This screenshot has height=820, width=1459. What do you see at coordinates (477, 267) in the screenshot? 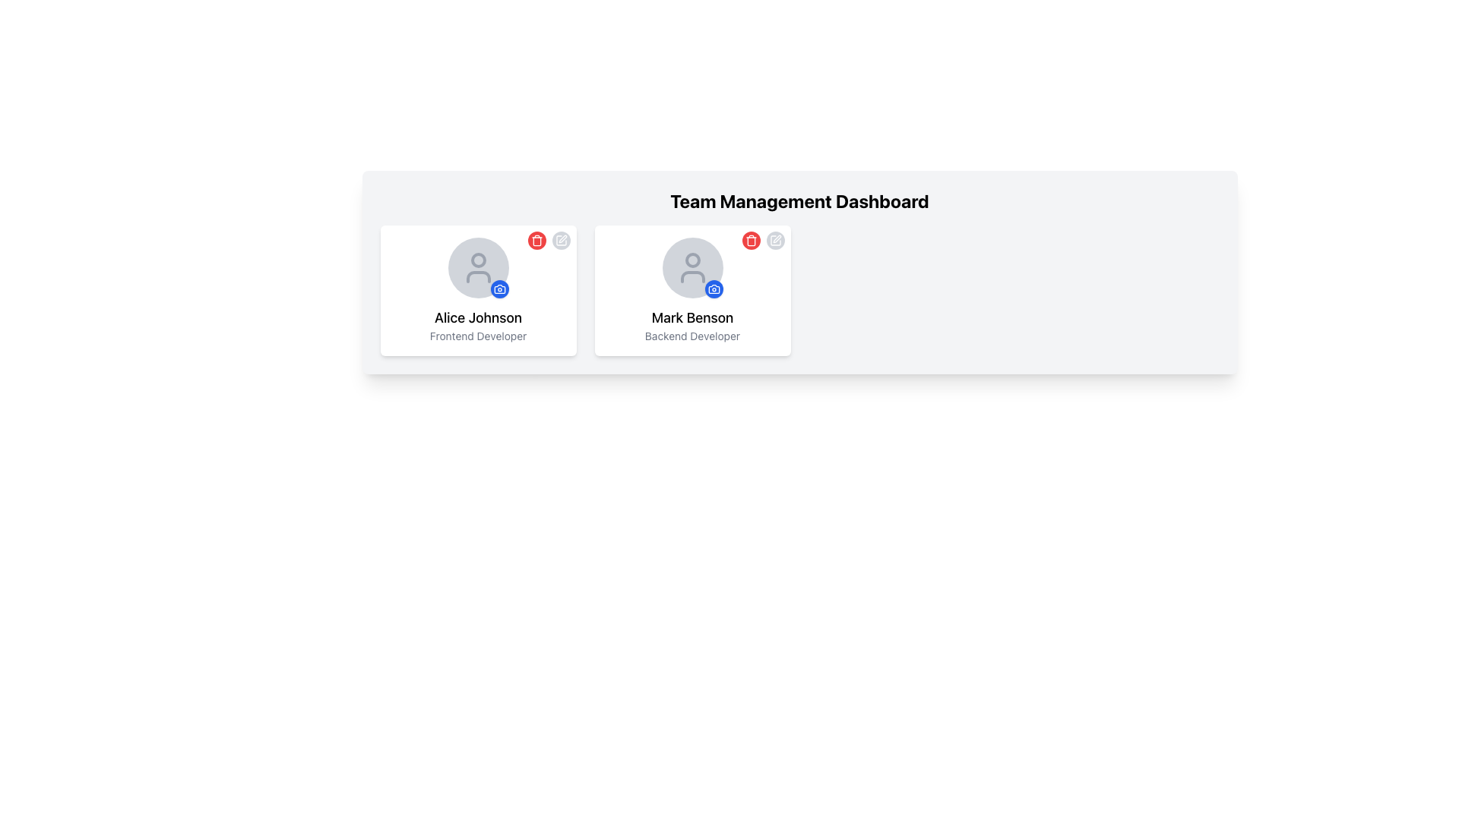
I see `the camera icon overlaying the bottom-right corner of the circular user avatar placeholder for 'Alice Johnson' to upload a profile picture` at bounding box center [477, 267].